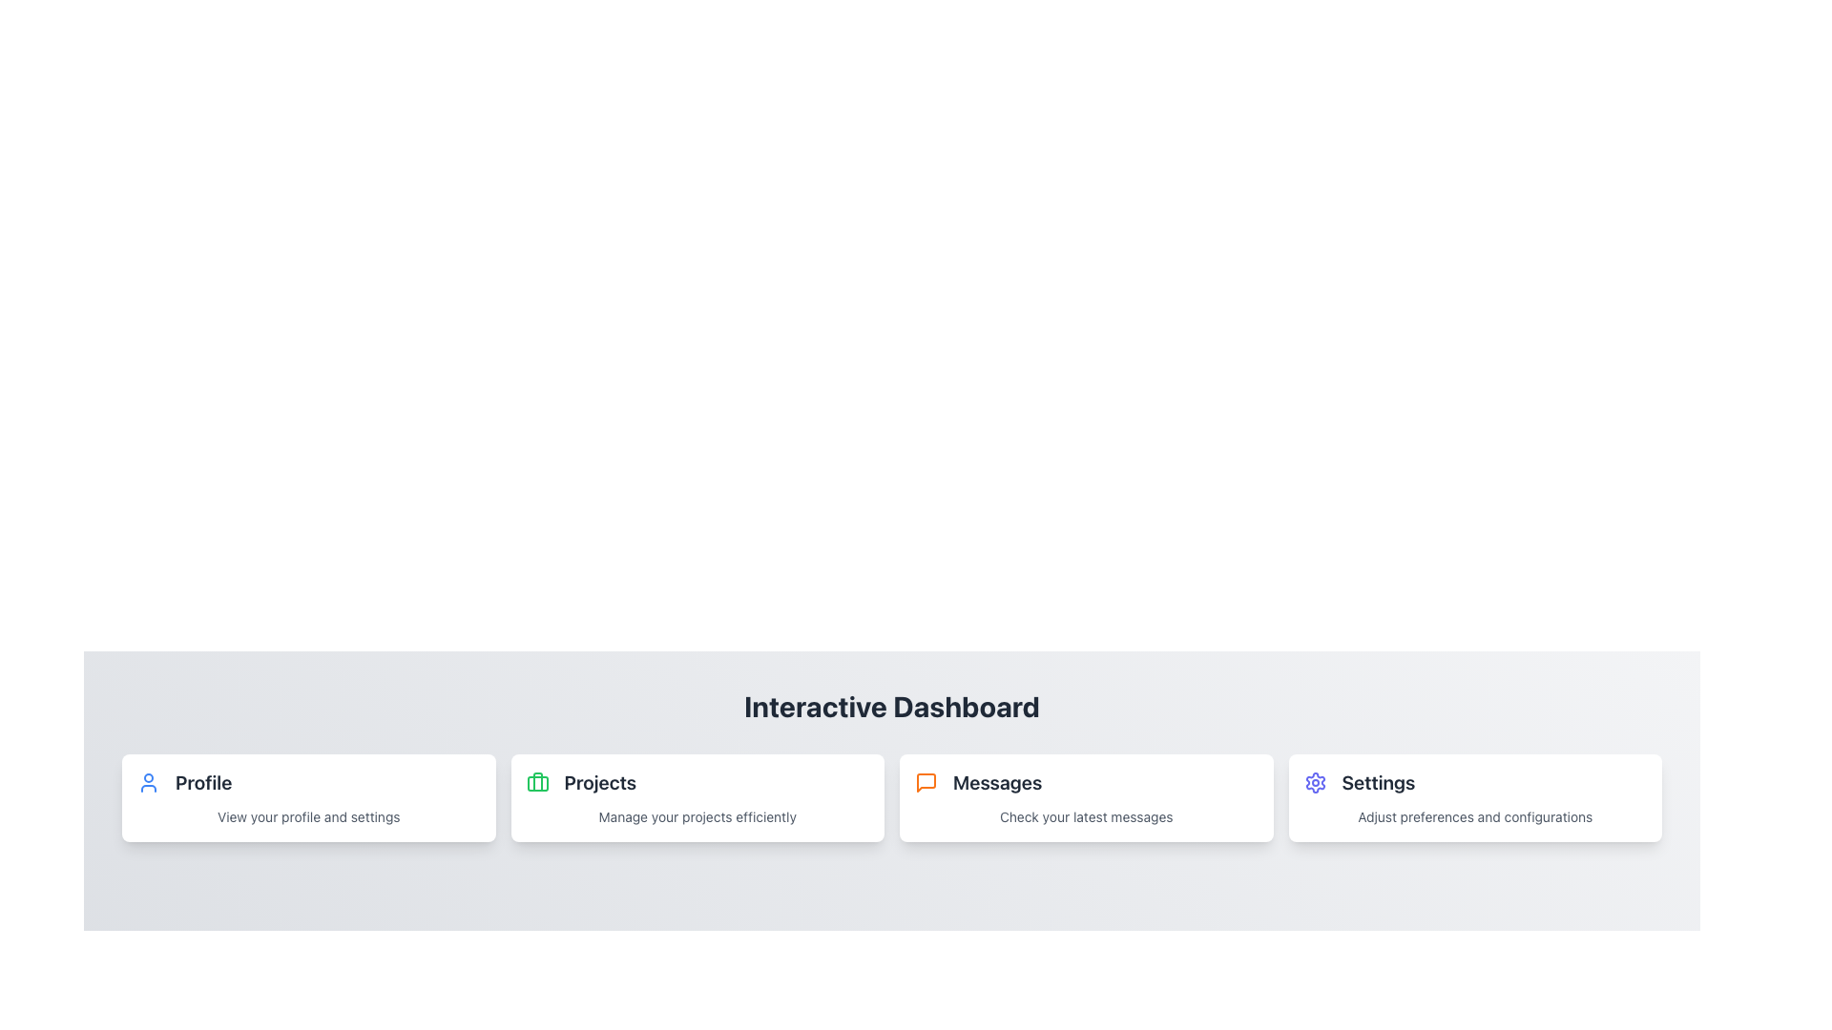 The image size is (1832, 1030). I want to click on the text label and icon pair in the Messages card for accessibility purposes, so click(1086, 783).